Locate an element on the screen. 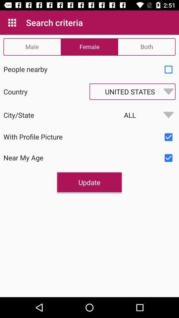  criteria is located at coordinates (168, 158).